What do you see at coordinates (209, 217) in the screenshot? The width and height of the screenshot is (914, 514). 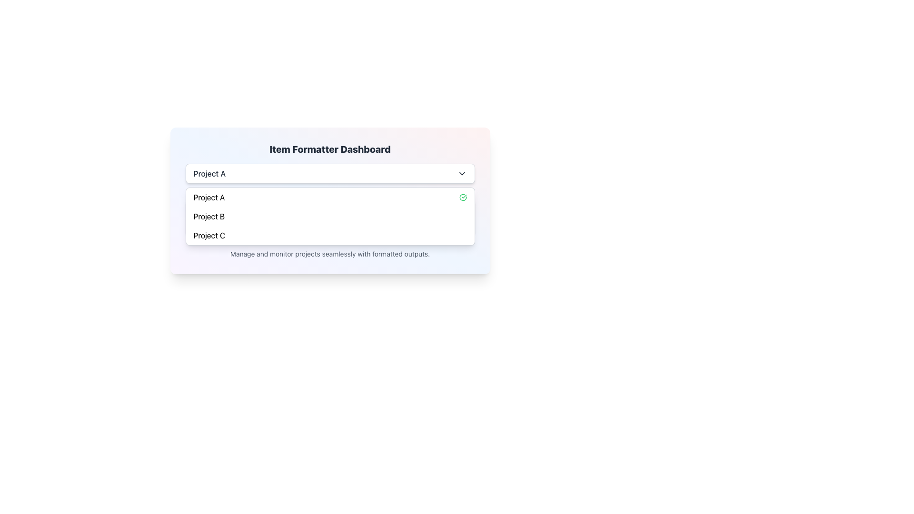 I see `the selectable dropdown list item labeled 'Project B'` at bounding box center [209, 217].